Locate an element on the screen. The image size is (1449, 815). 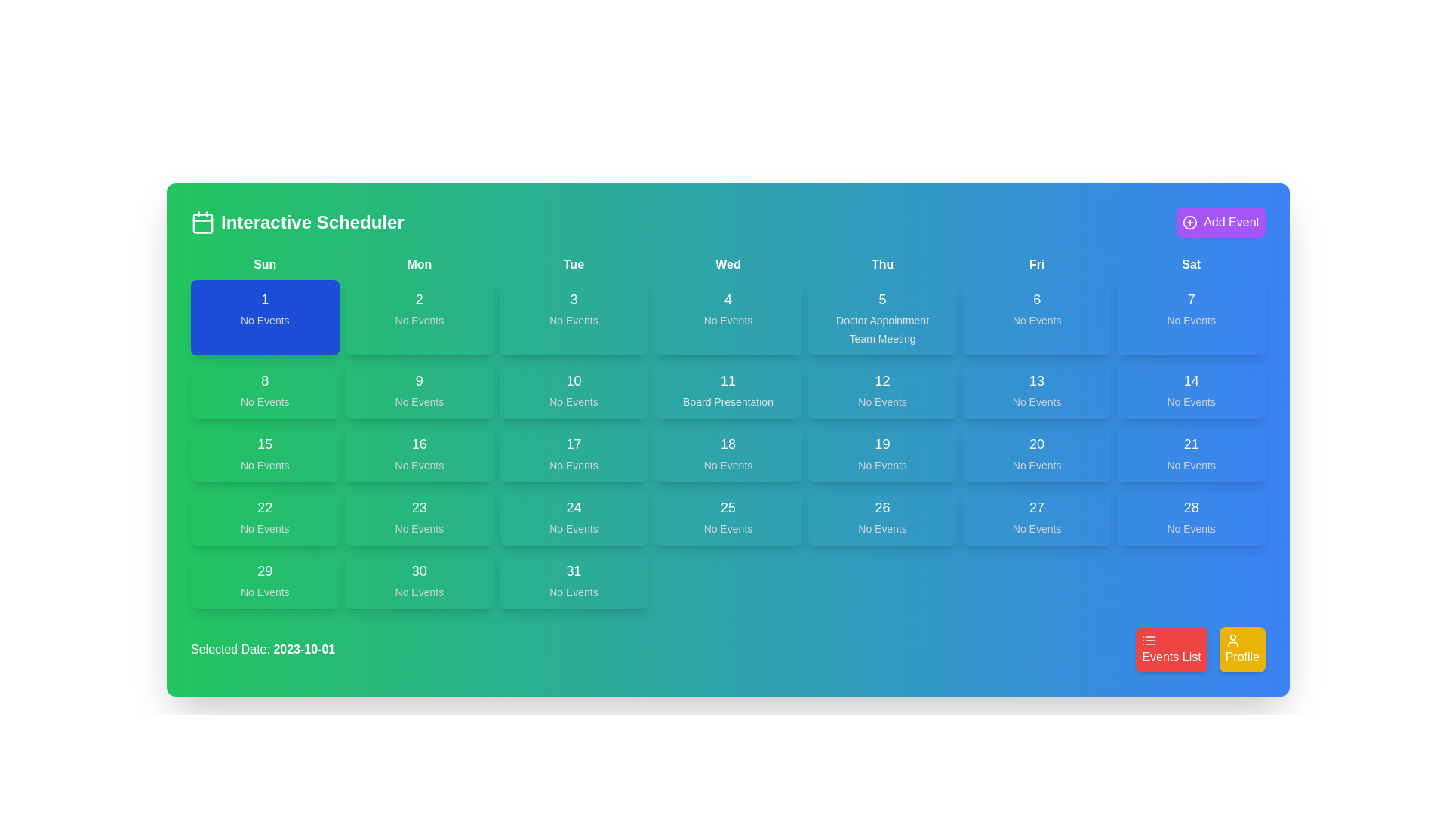
the static text label displaying 'Wed' in bold white text, which is the fourth entry in the calendar week layout is located at coordinates (728, 264).